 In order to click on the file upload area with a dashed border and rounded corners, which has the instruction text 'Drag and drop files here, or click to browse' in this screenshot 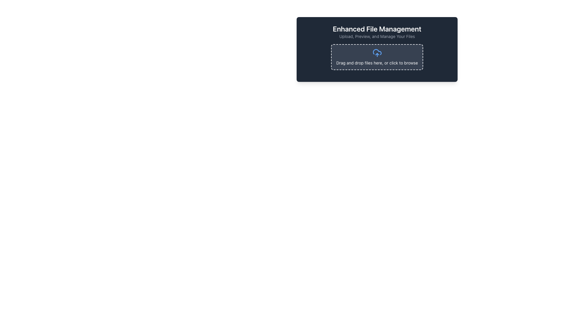, I will do `click(377, 57)`.